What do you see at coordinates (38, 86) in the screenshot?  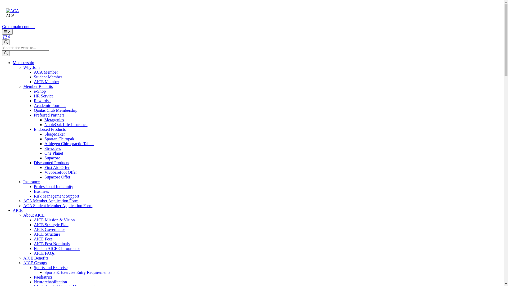 I see `'Member Benefits'` at bounding box center [38, 86].